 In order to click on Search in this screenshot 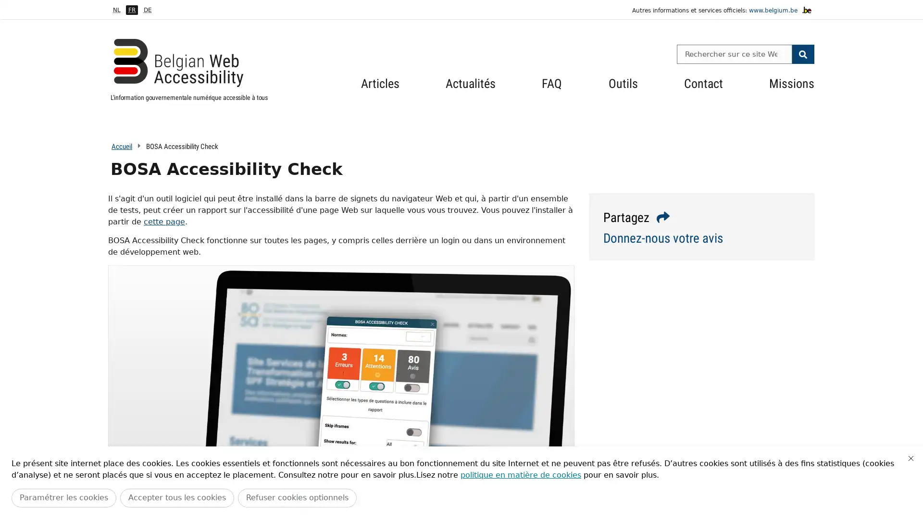, I will do `click(803, 54)`.